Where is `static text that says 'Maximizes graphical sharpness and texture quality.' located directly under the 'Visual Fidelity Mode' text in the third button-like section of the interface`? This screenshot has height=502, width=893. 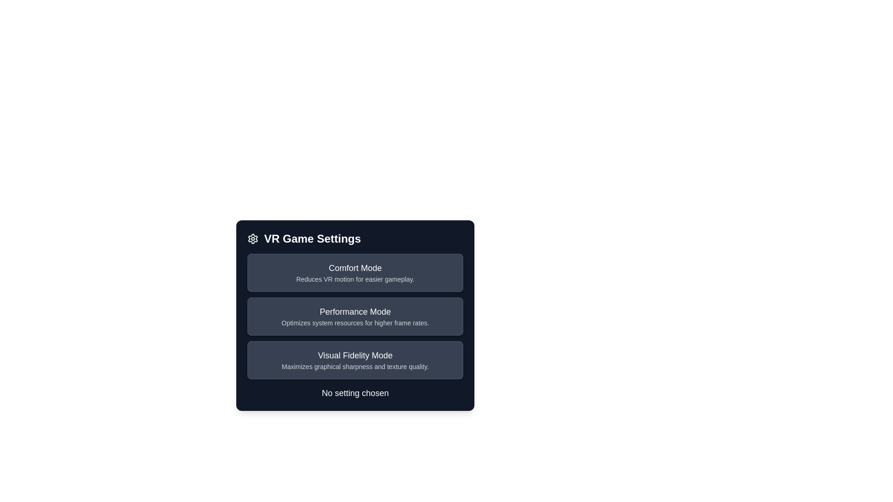 static text that says 'Maximizes graphical sharpness and texture quality.' located directly under the 'Visual Fidelity Mode' text in the third button-like section of the interface is located at coordinates (354, 366).